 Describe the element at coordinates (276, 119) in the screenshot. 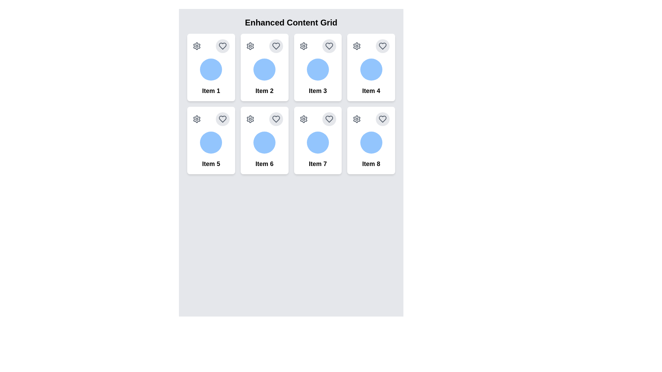

I see `the heart icon located in the upper-right corner of the 'Item 6' card` at that location.